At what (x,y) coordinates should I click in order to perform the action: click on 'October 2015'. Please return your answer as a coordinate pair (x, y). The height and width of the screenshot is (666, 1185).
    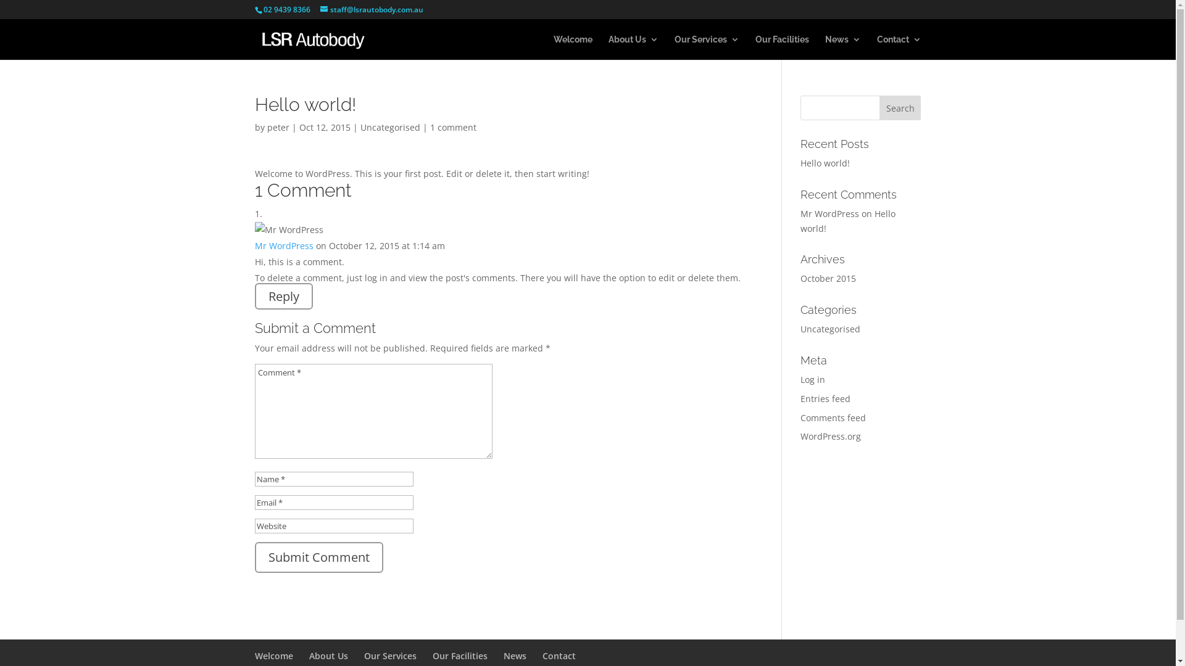
    Looking at the image, I should click on (828, 278).